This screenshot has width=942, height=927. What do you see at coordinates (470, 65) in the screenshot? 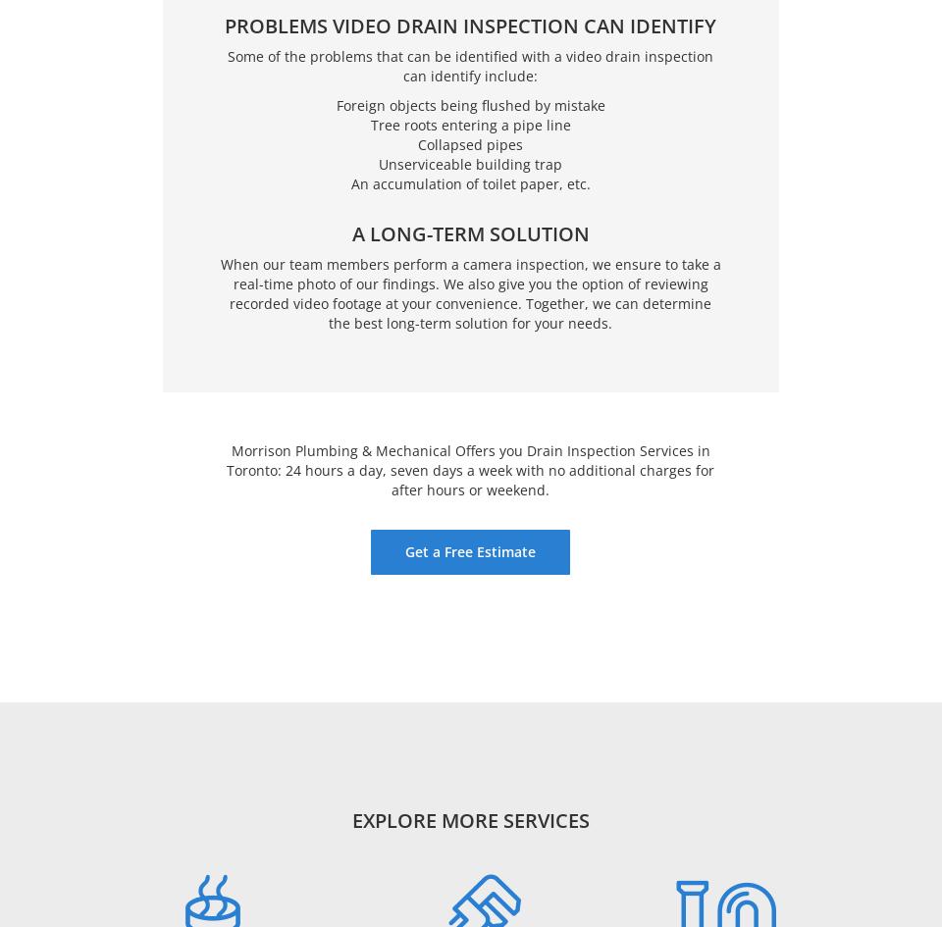
I see `'Some of the problems that can be identified with a video drain inspection can identify include:'` at bounding box center [470, 65].